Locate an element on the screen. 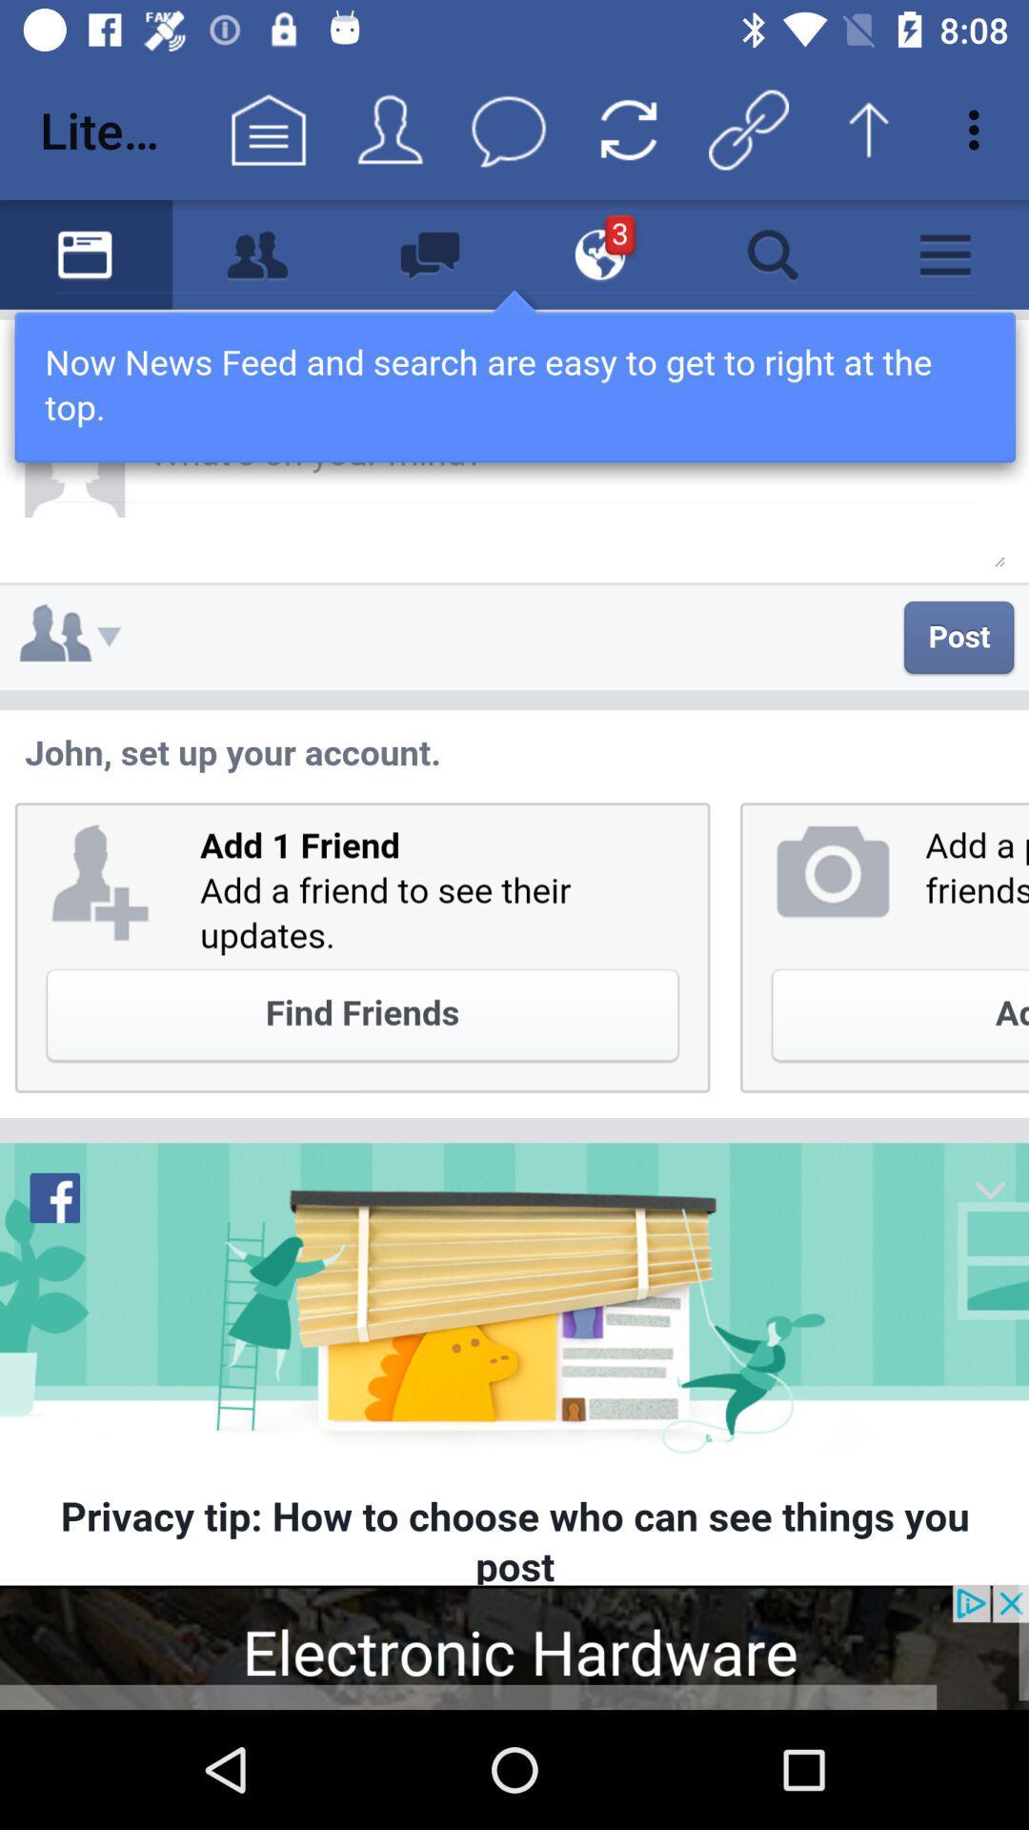 The image size is (1029, 1830). visit advertised website is located at coordinates (514, 1646).